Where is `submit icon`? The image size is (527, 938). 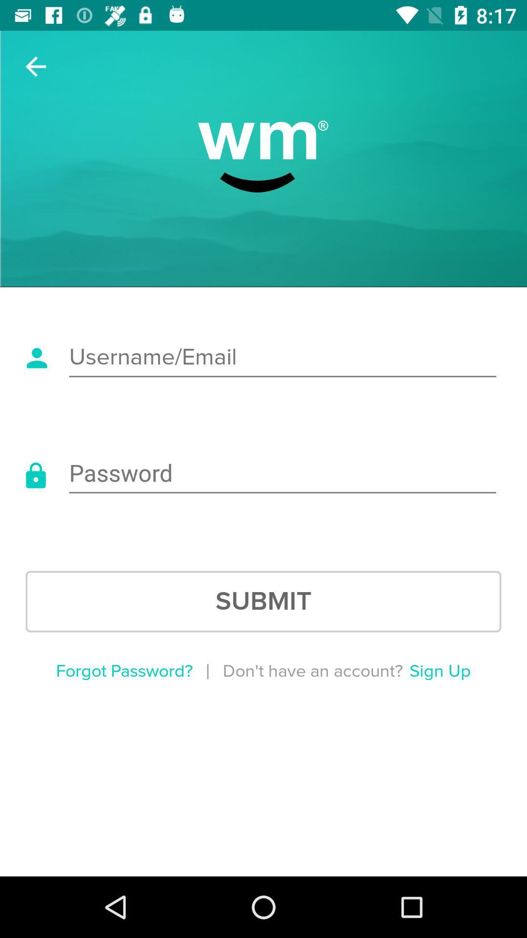
submit icon is located at coordinates (263, 601).